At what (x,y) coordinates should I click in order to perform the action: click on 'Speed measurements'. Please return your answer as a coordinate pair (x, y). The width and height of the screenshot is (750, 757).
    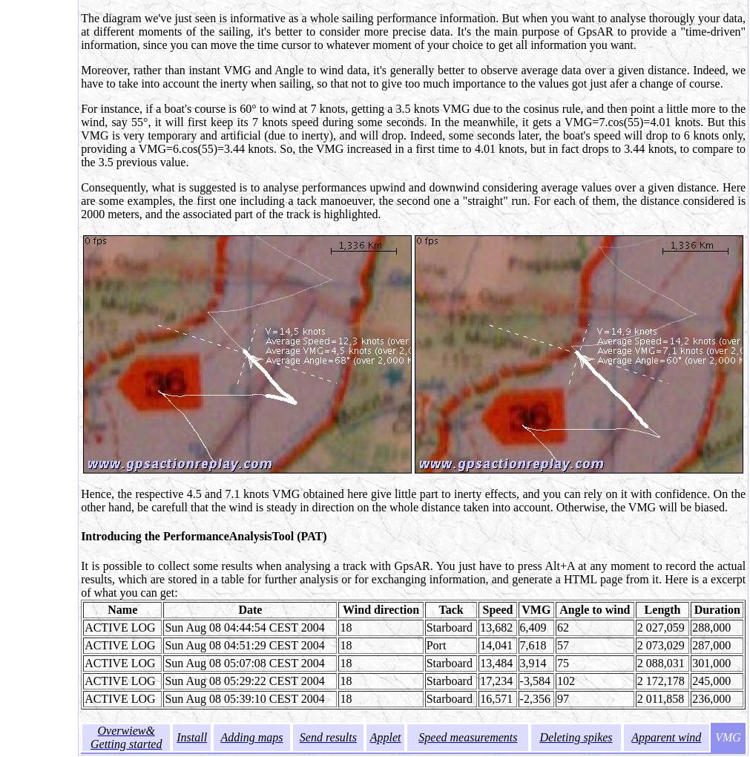
    Looking at the image, I should click on (467, 736).